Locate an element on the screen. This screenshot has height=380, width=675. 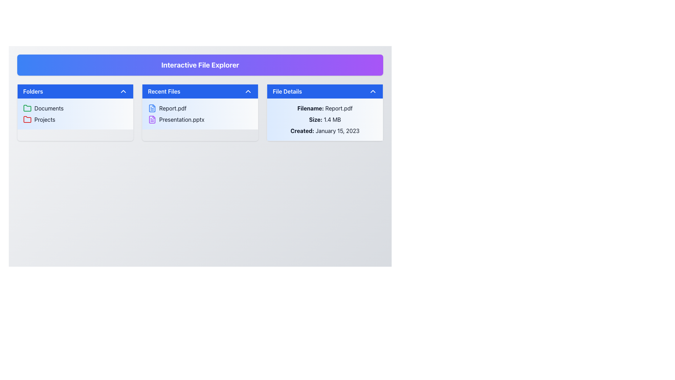
the text label for the file 'Presentation.pptx' located is located at coordinates (182, 119).